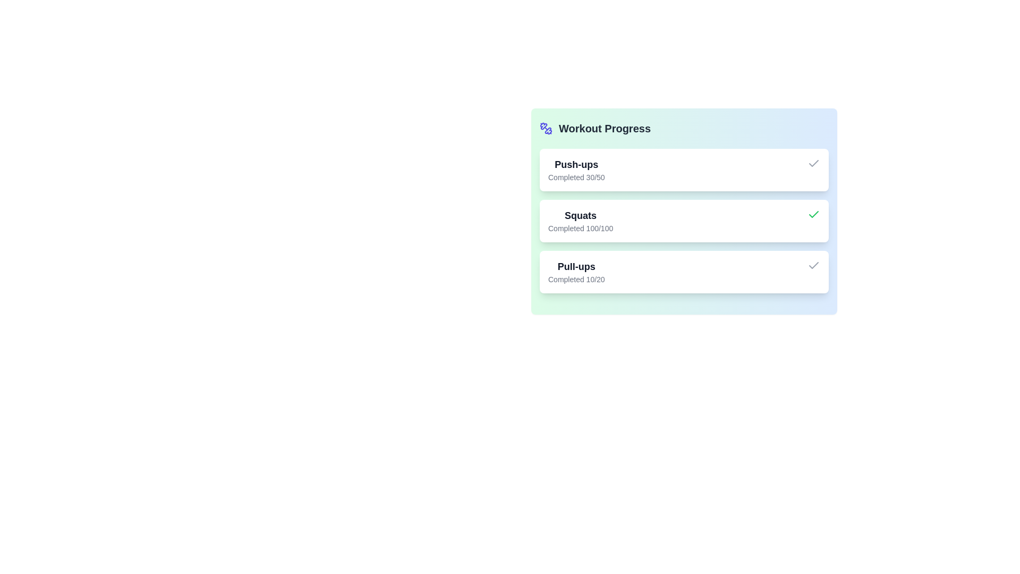  Describe the element at coordinates (576, 266) in the screenshot. I see `the 'Pull-ups' text label` at that location.